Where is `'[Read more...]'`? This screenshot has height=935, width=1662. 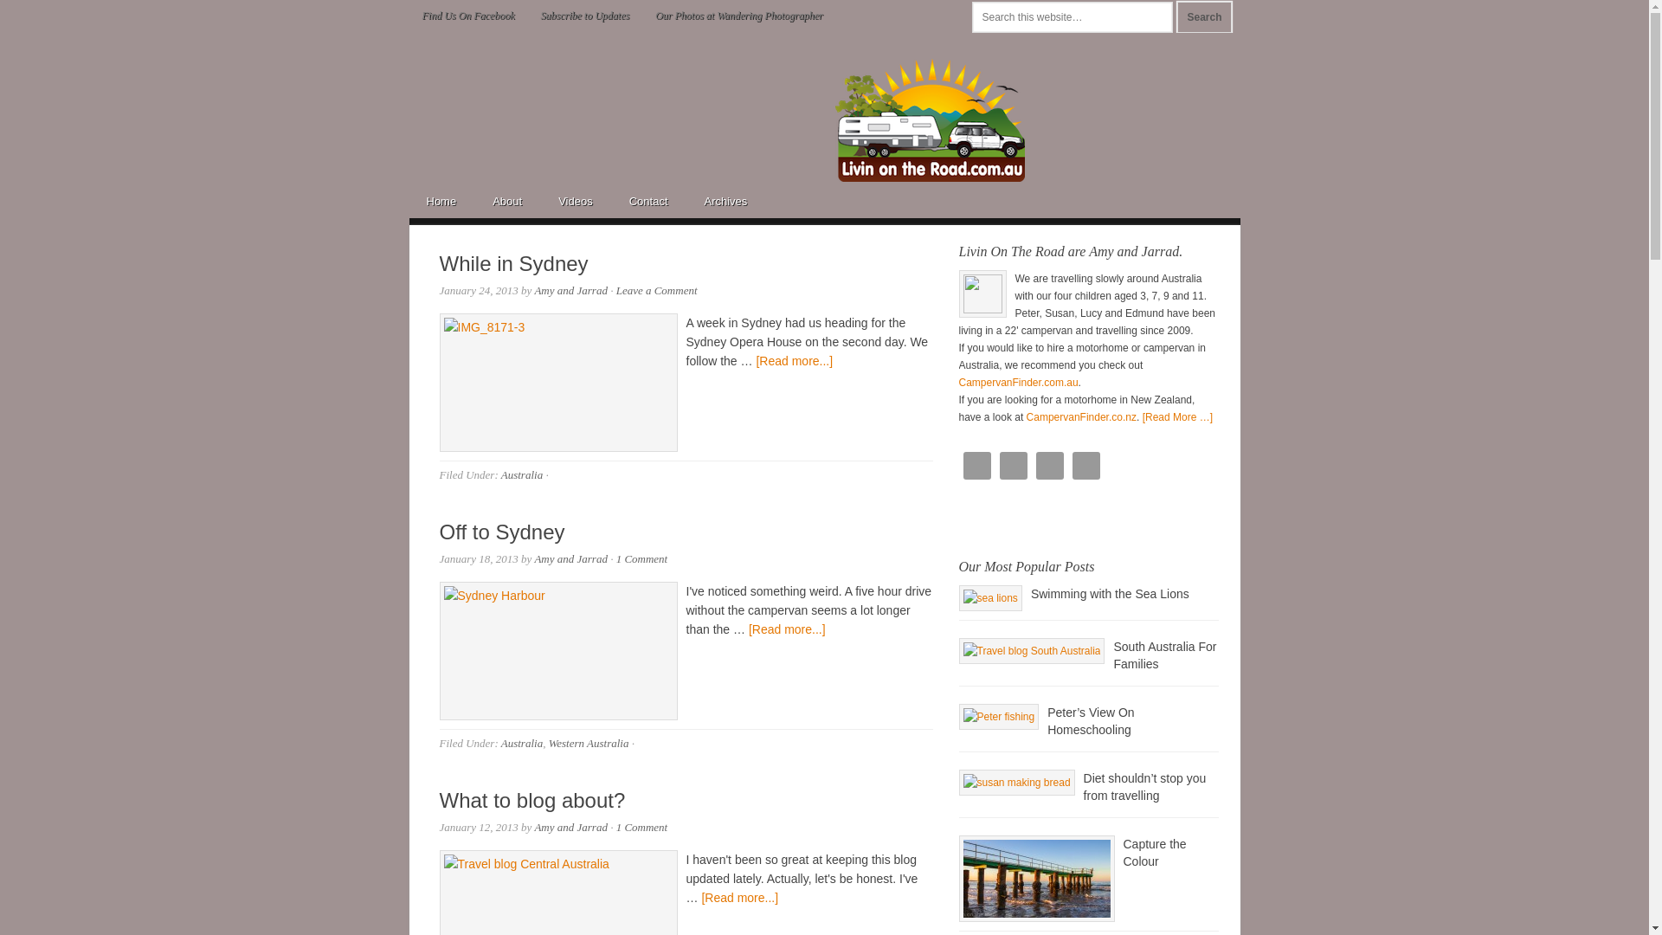
'[Read more...]' is located at coordinates (739, 897).